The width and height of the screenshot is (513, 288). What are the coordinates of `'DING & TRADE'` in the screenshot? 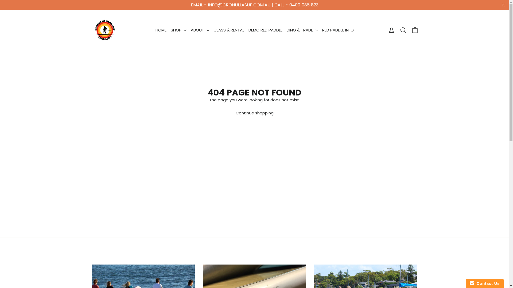 It's located at (302, 30).